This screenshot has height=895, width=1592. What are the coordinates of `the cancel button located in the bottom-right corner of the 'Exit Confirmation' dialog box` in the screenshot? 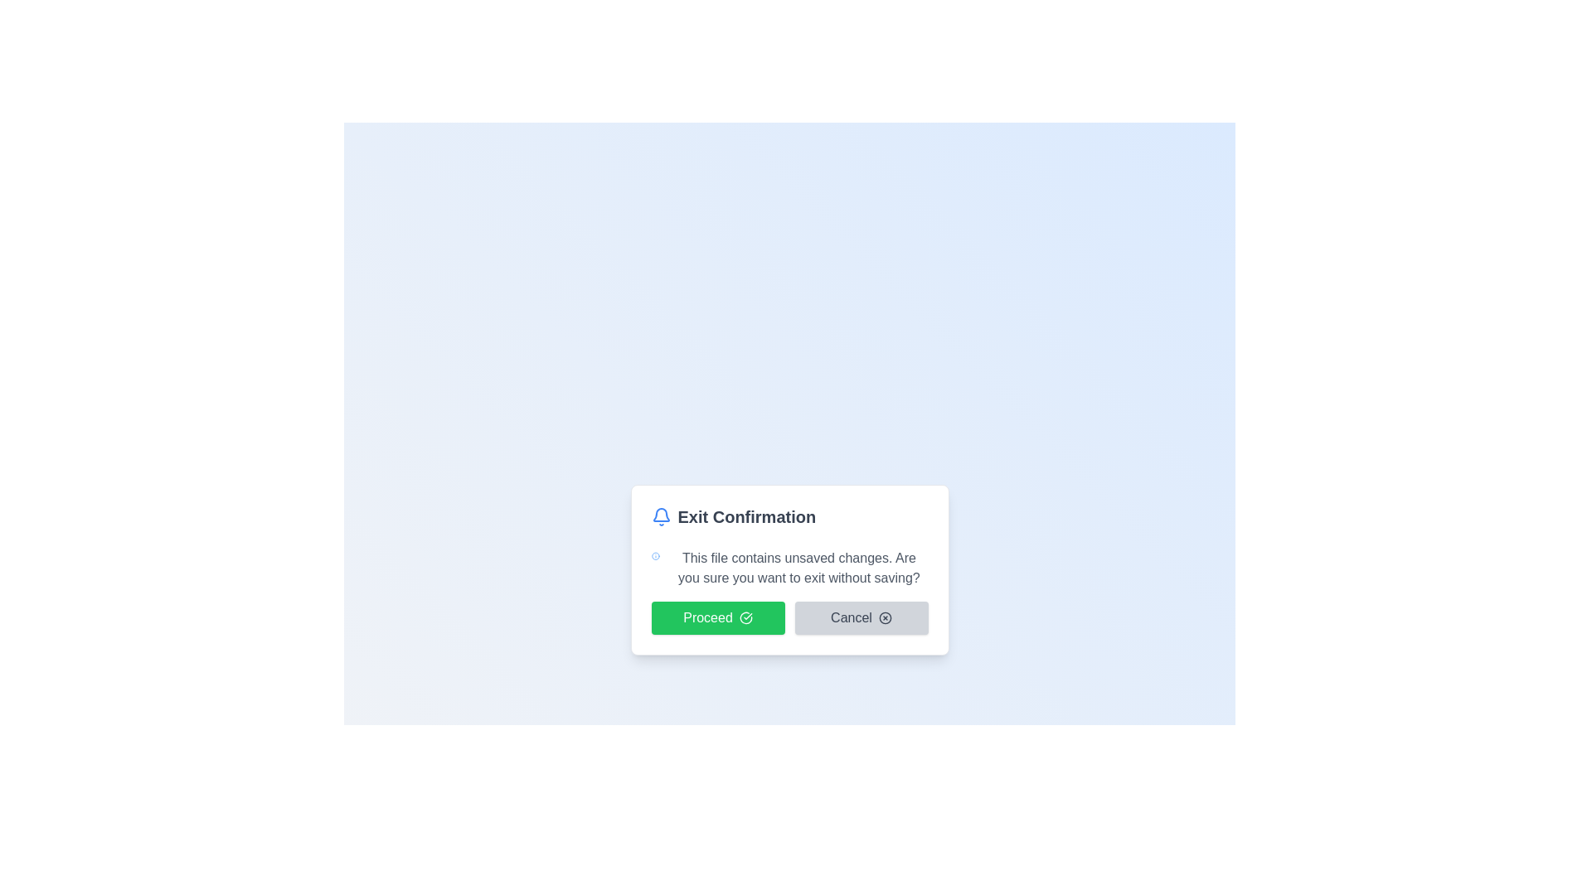 It's located at (861, 617).